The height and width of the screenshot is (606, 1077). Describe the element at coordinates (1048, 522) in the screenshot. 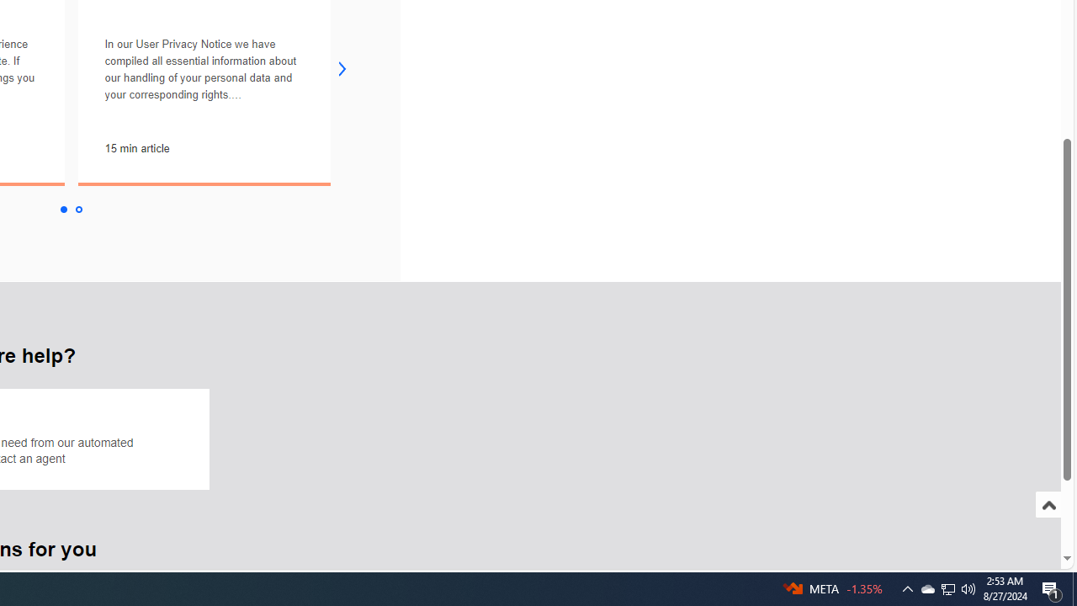

I see `'Scroll to top'` at that location.